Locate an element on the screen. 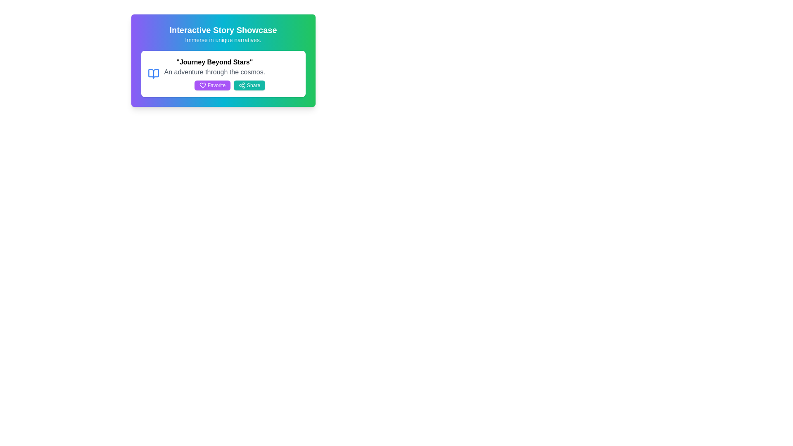 This screenshot has width=793, height=446. the heart-shaped icon located within the 'Interactive Story Showcase' to interact with it is located at coordinates (202, 85).